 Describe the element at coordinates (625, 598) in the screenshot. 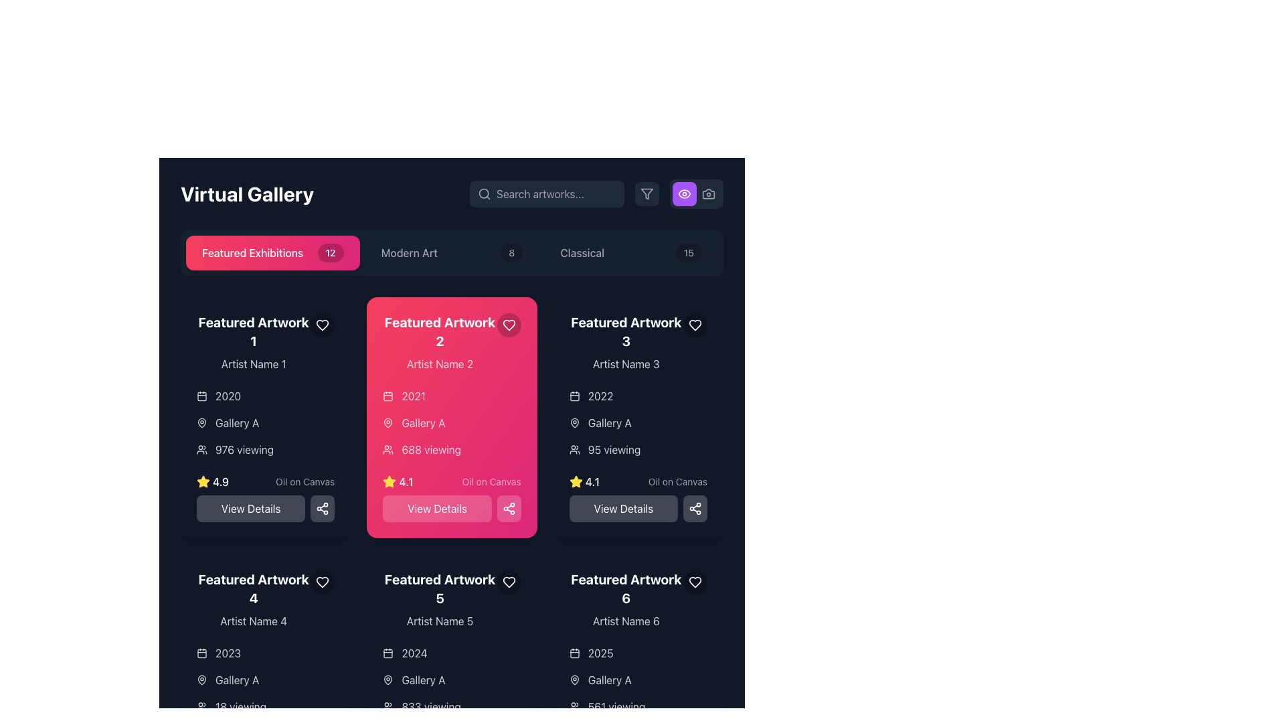

I see `the text label displaying the title and artist name of the featured artwork item located at the bottom-right of the grid in the gallery` at that location.